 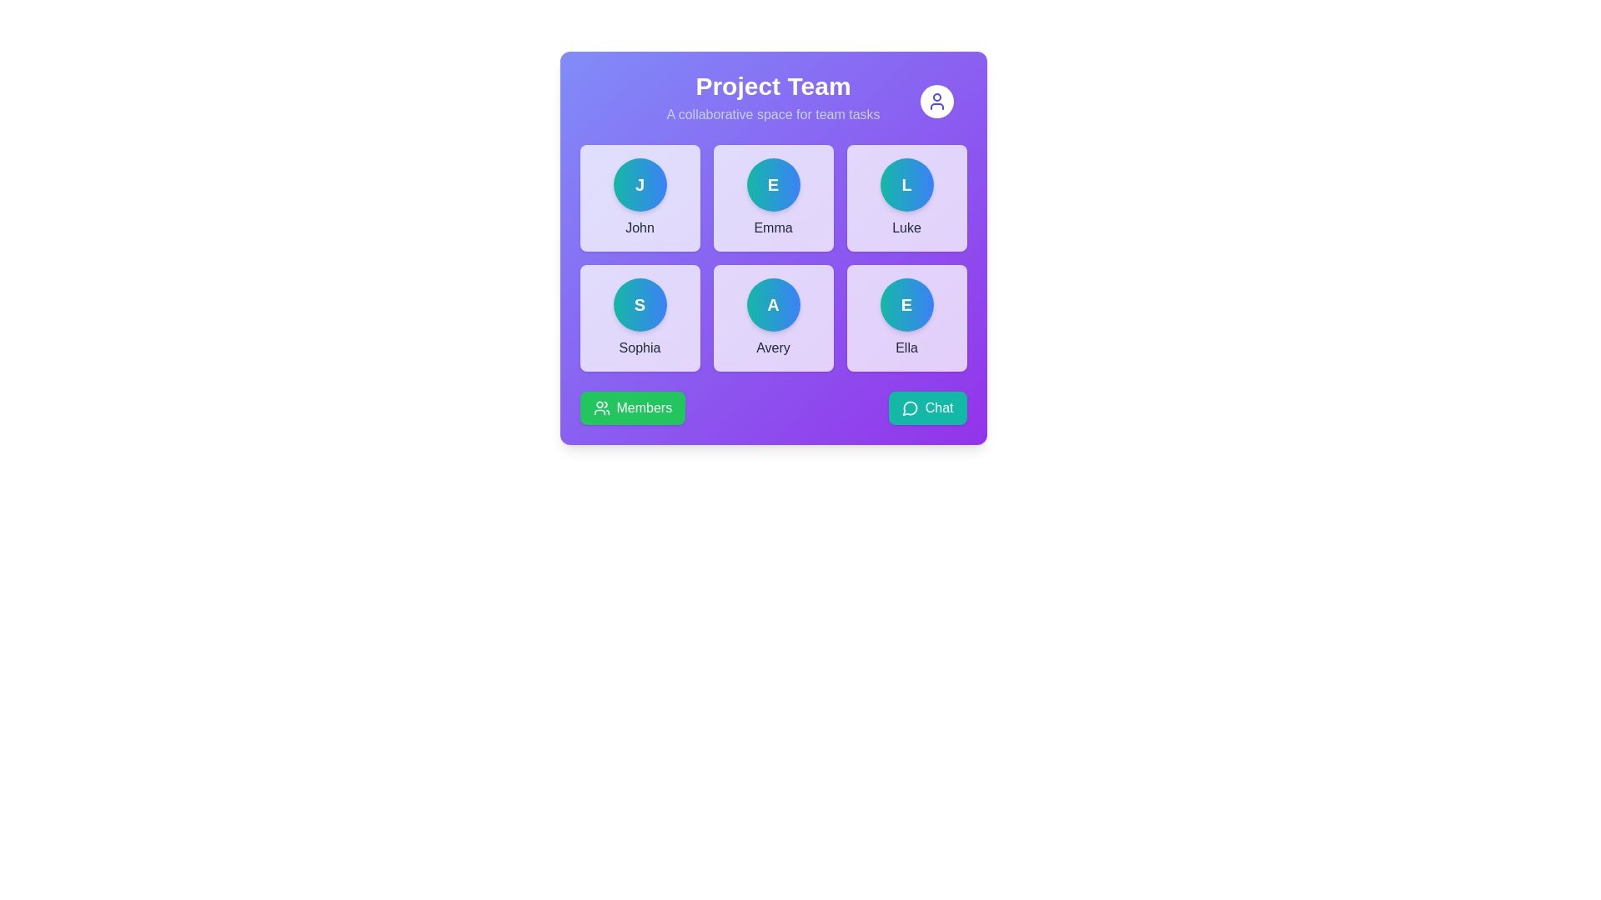 What do you see at coordinates (772, 347) in the screenshot?
I see `the label text indicating the name 'Avery', which is located in the center column of the bottom row of the grid layout, below the icon displaying the initial 'A'` at bounding box center [772, 347].